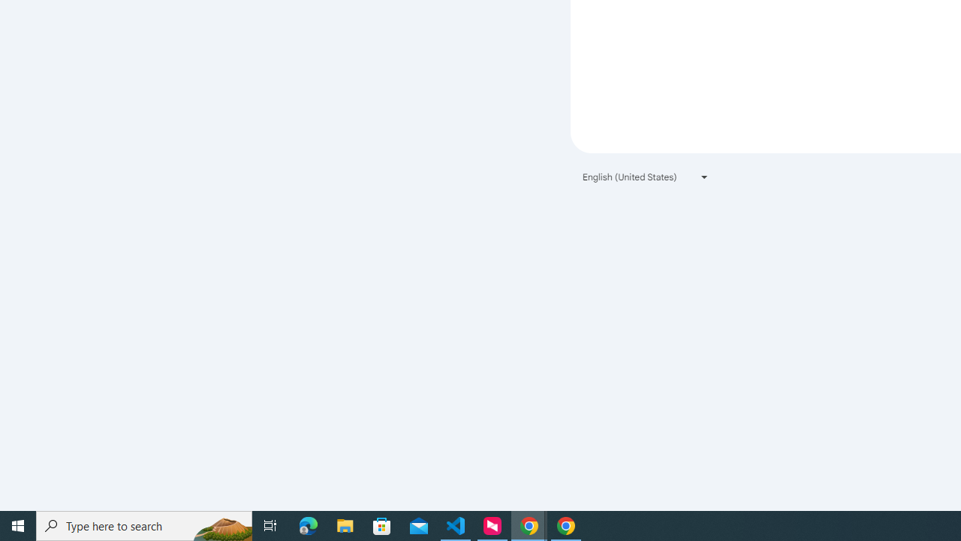 This screenshot has height=541, width=961. What do you see at coordinates (646, 176) in the screenshot?
I see `'English (United States)'` at bounding box center [646, 176].